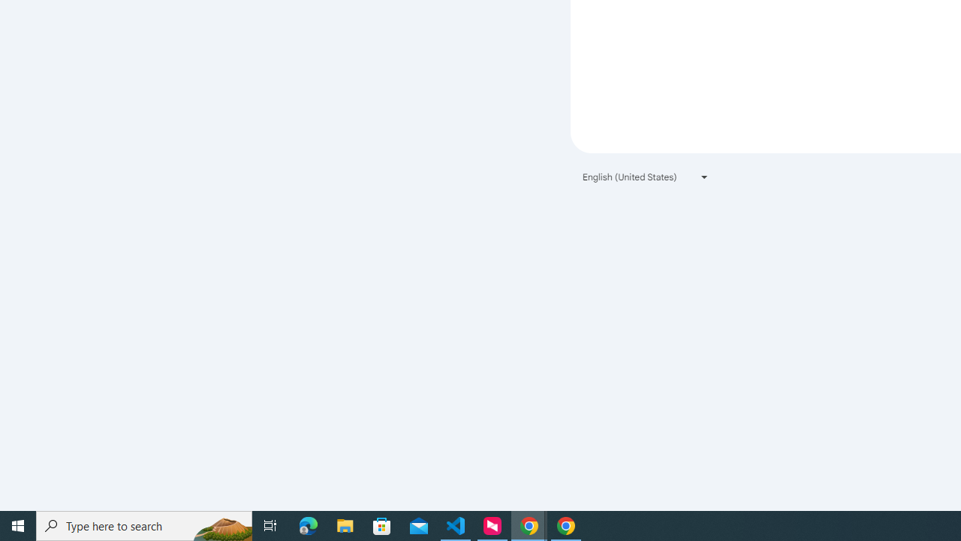 This screenshot has height=541, width=961. What do you see at coordinates (646, 176) in the screenshot?
I see `'English (United States)'` at bounding box center [646, 176].